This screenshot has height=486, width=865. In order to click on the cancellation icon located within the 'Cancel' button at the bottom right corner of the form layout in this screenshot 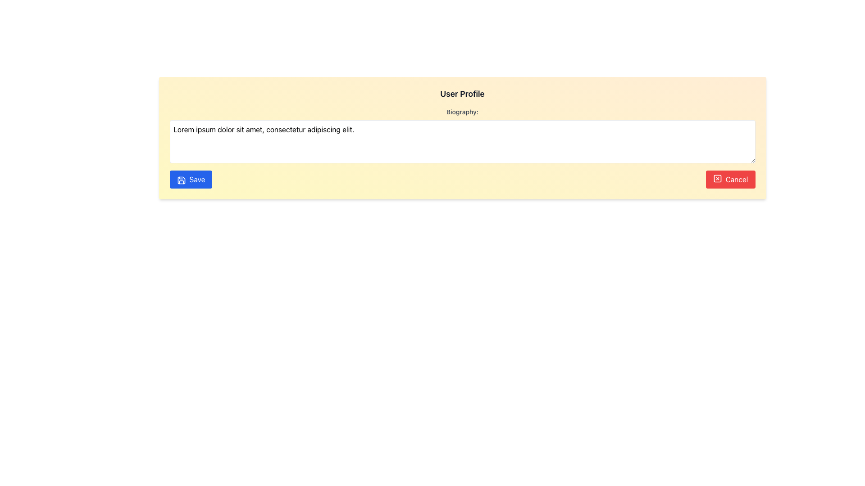, I will do `click(717, 179)`.